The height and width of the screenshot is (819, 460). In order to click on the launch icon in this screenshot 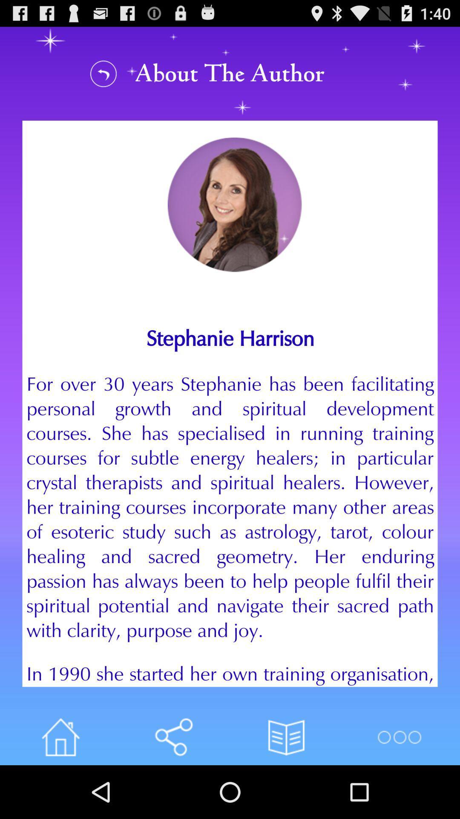, I will do `click(60, 788)`.